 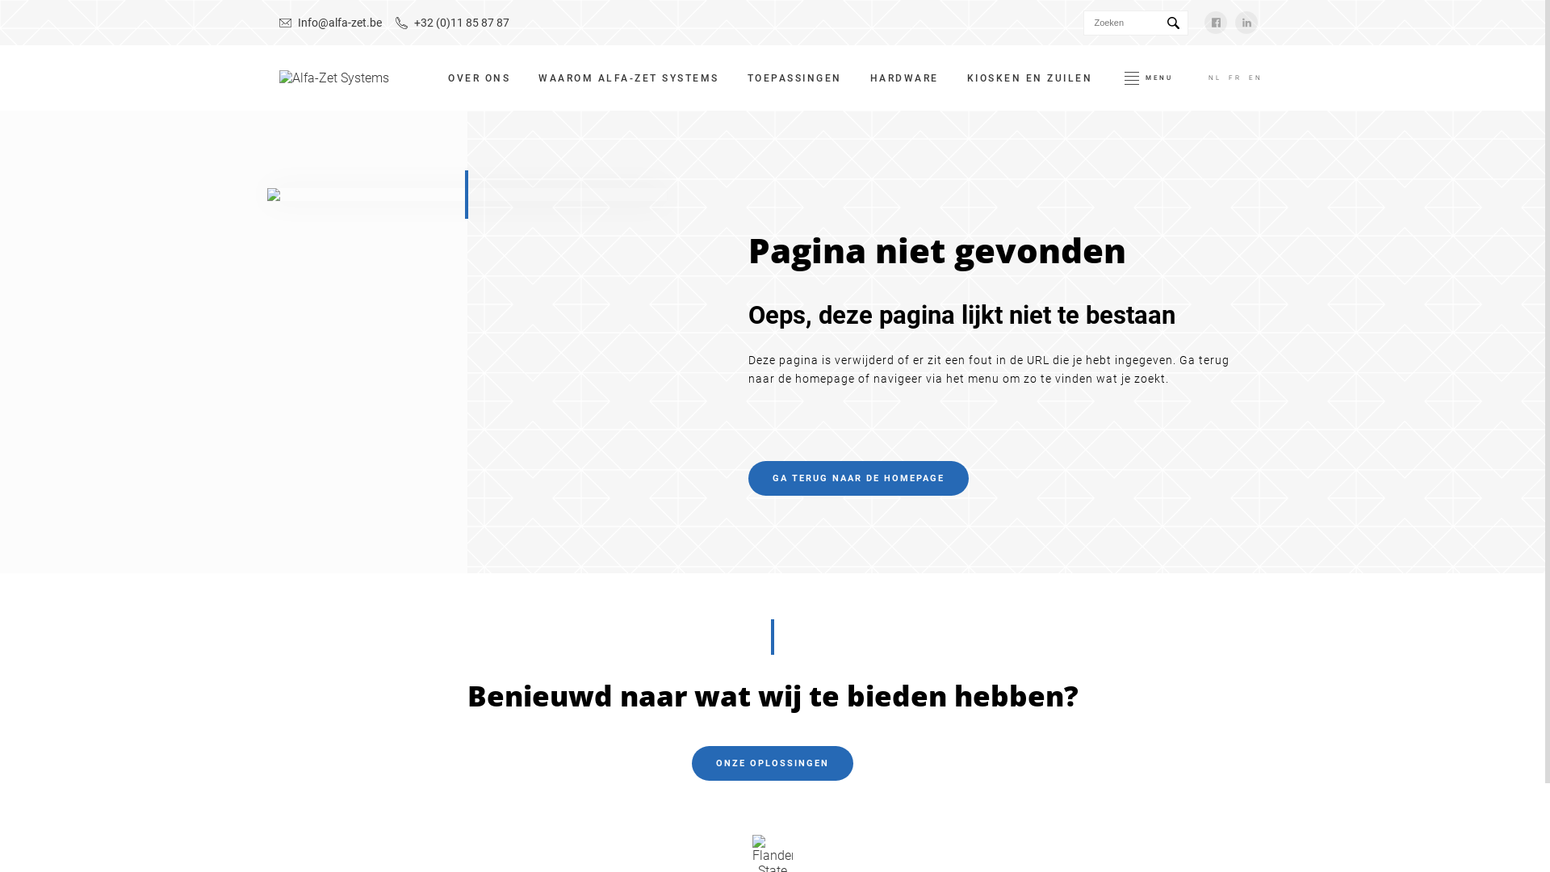 What do you see at coordinates (1255, 78) in the screenshot?
I see `'EN'` at bounding box center [1255, 78].